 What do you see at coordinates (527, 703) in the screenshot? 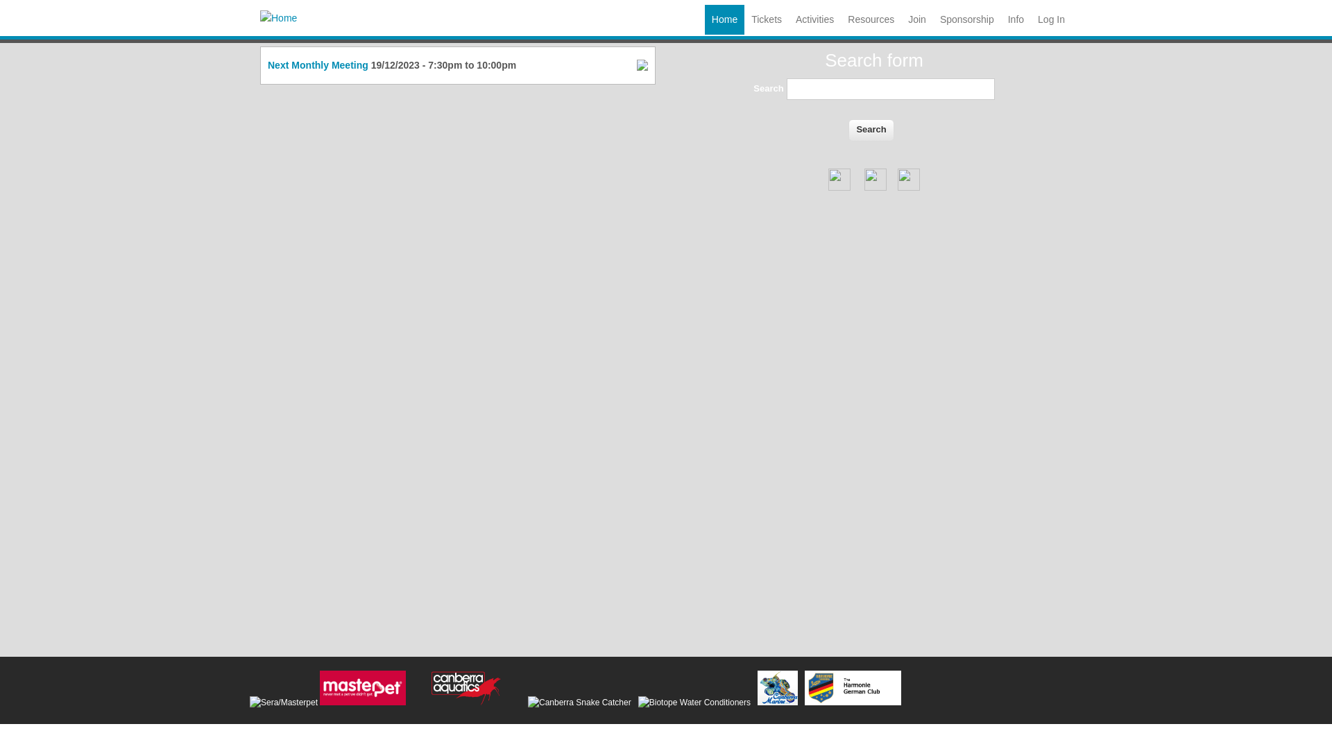
I see `'Canberra Snake Catcher'` at bounding box center [527, 703].